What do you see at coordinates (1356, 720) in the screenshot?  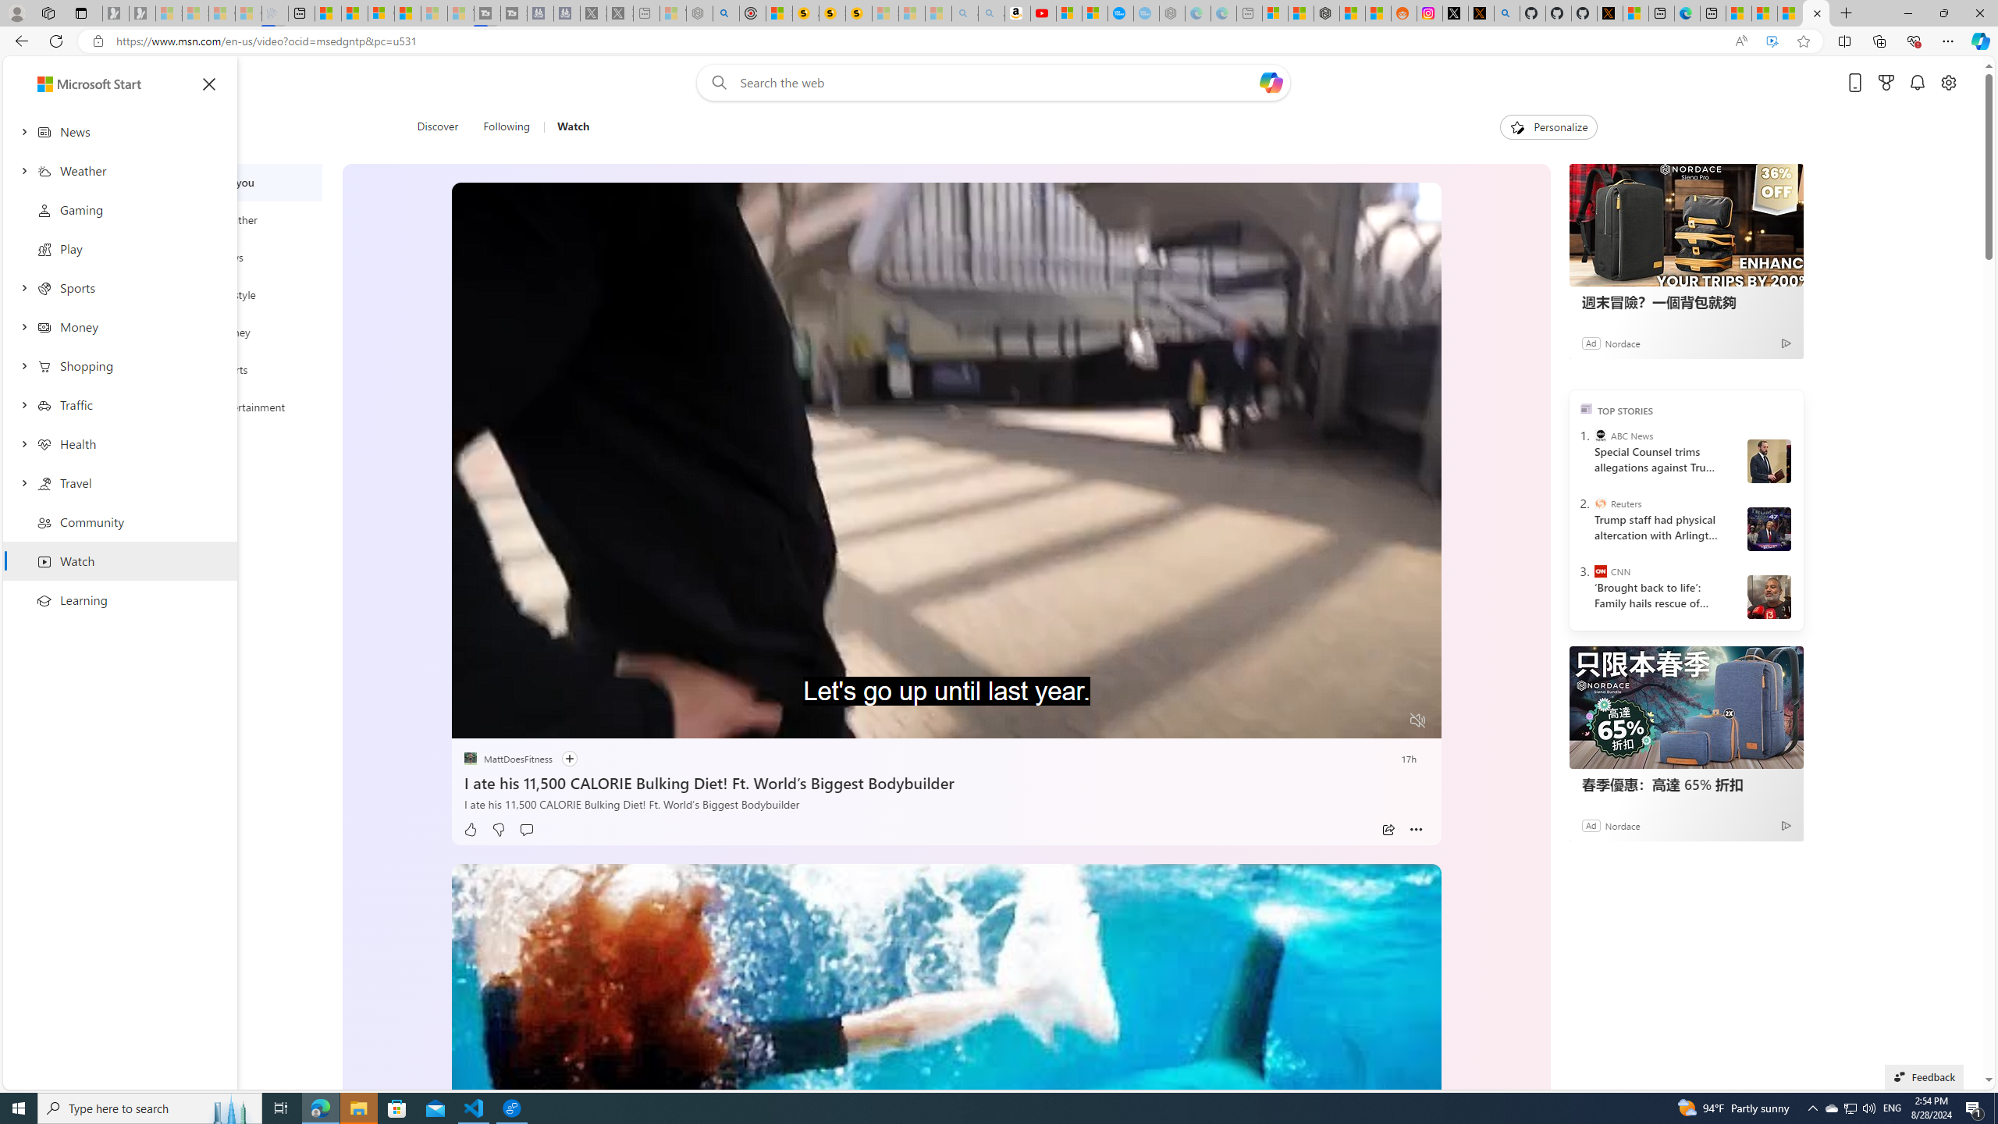 I see `'Captions'` at bounding box center [1356, 720].